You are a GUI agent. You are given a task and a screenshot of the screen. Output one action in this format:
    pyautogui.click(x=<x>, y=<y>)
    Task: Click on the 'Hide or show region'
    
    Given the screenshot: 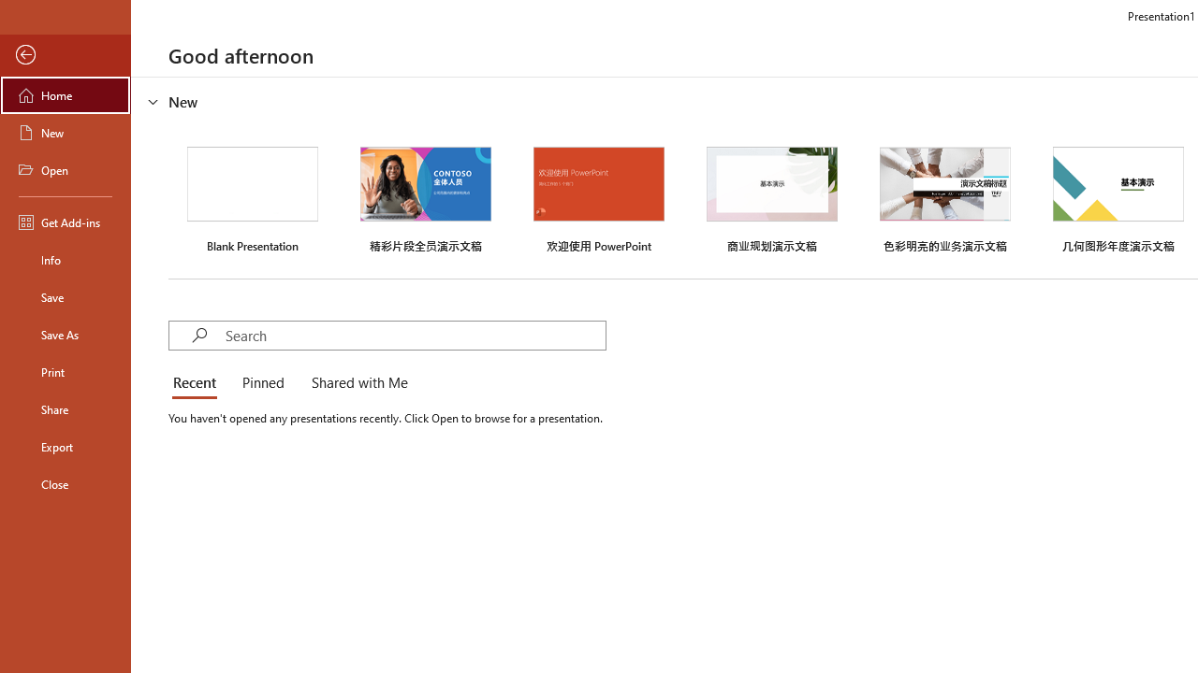 What is the action you would take?
    pyautogui.click(x=153, y=102)
    